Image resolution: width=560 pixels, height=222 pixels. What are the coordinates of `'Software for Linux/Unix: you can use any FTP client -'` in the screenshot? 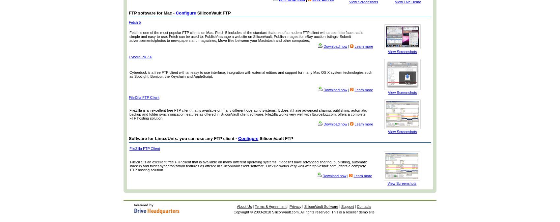 It's located at (183, 138).